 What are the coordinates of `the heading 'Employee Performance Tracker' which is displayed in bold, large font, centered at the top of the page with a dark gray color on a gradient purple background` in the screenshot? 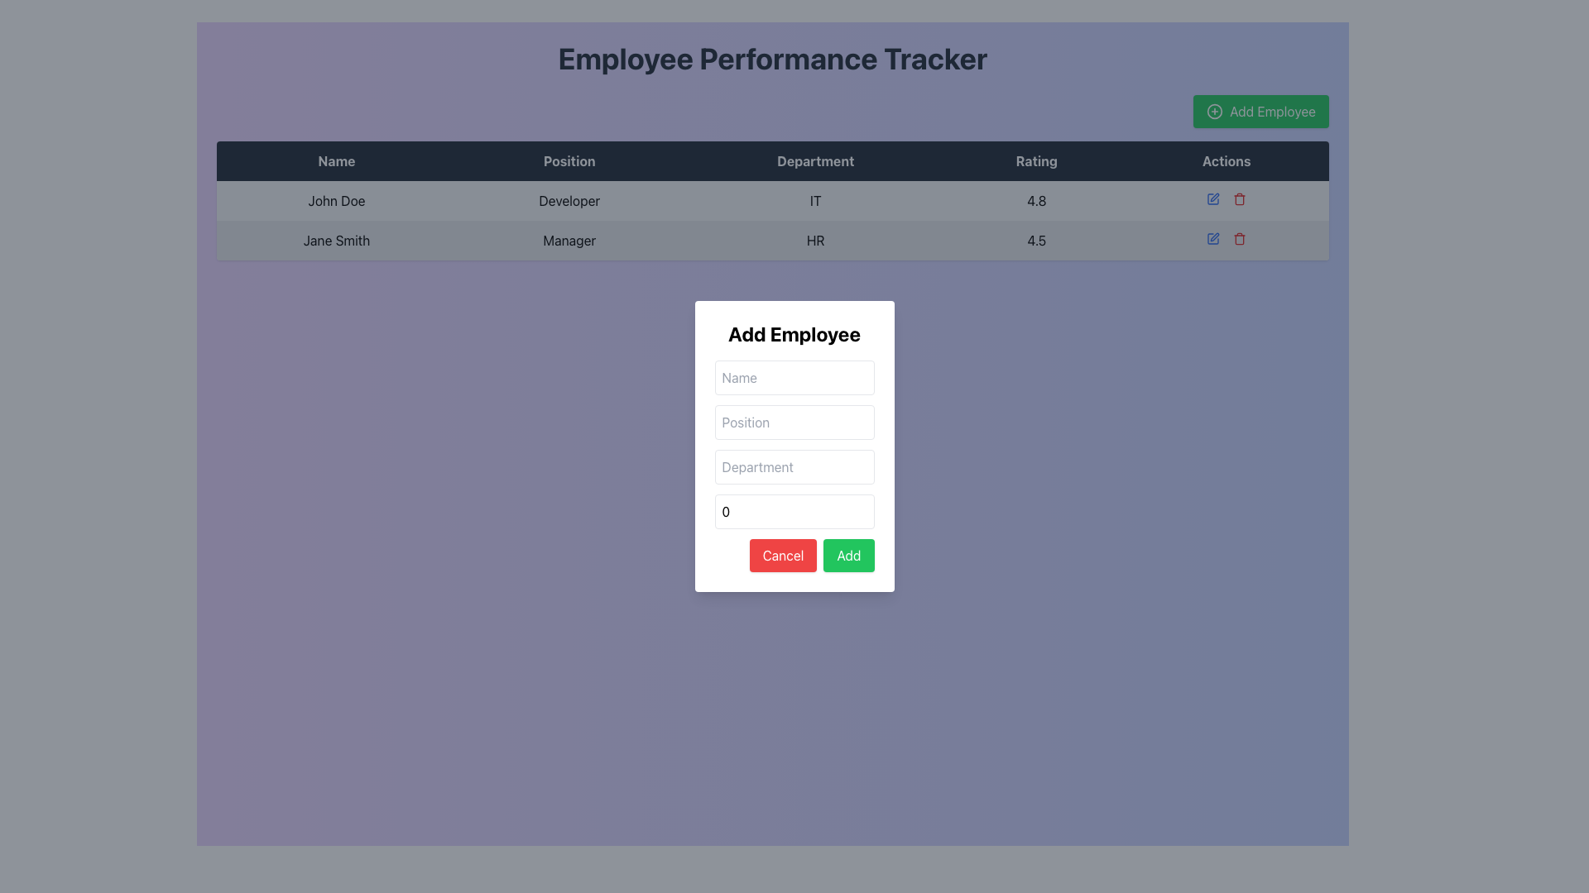 It's located at (772, 57).